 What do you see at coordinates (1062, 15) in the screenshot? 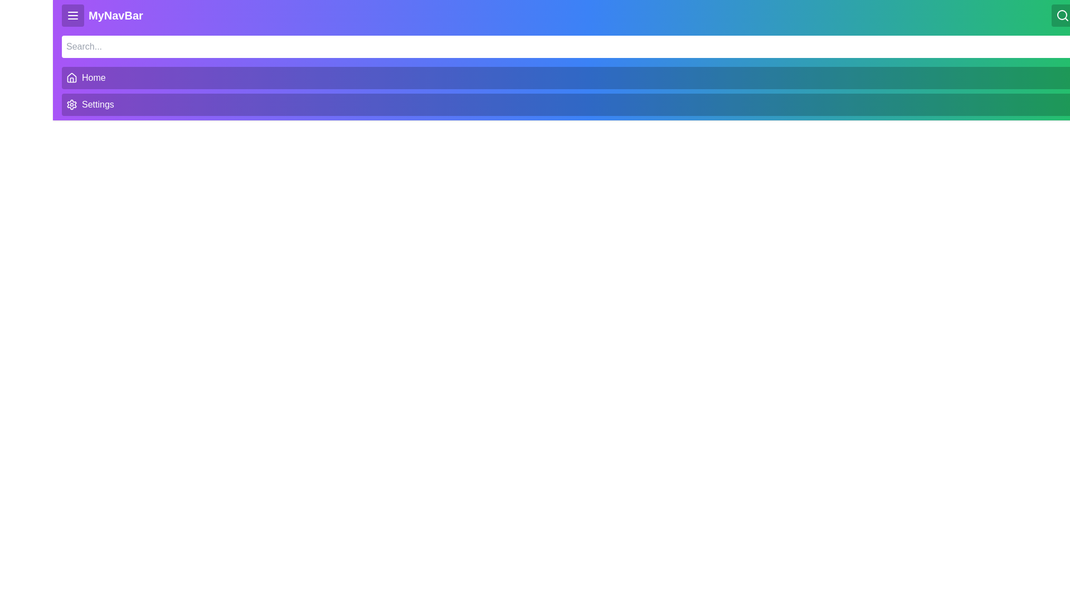
I see `the magnifying glass icon button in the top-right corner of the interface` at bounding box center [1062, 15].